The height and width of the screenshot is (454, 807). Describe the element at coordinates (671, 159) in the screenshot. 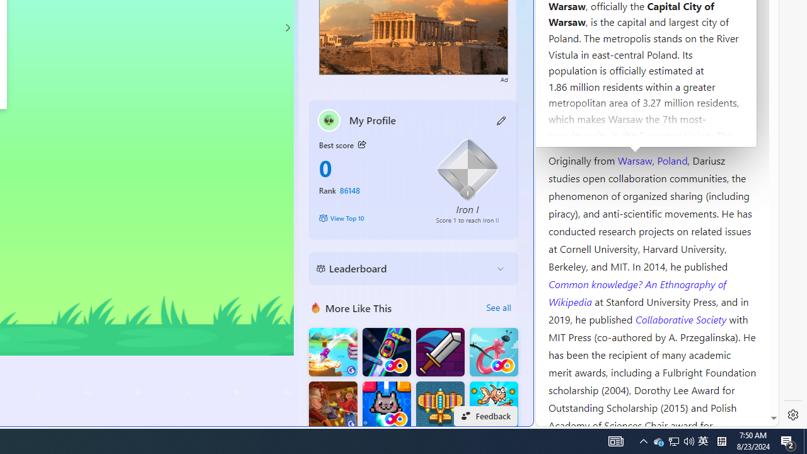

I see `'Poland'` at that location.